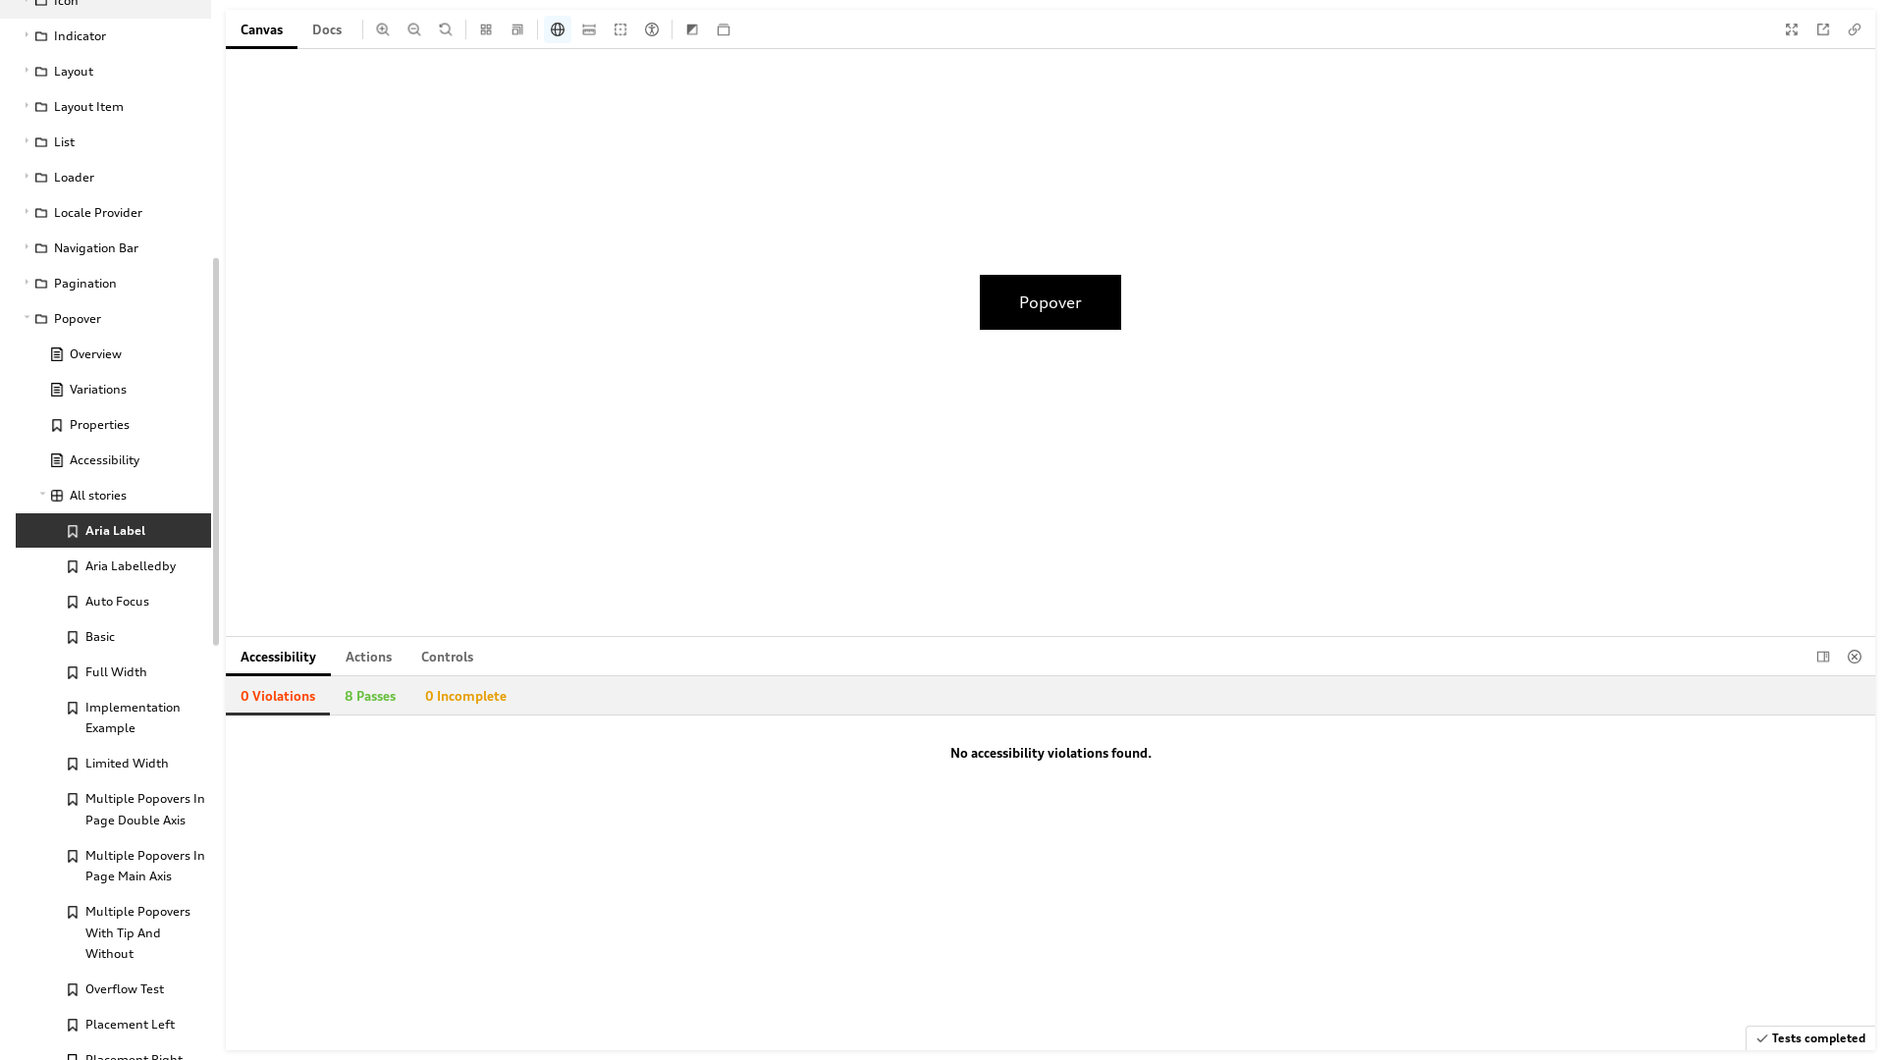 The image size is (1885, 1060). What do you see at coordinates (1854, 656) in the screenshot?
I see `'Hide addons [A]'` at bounding box center [1854, 656].